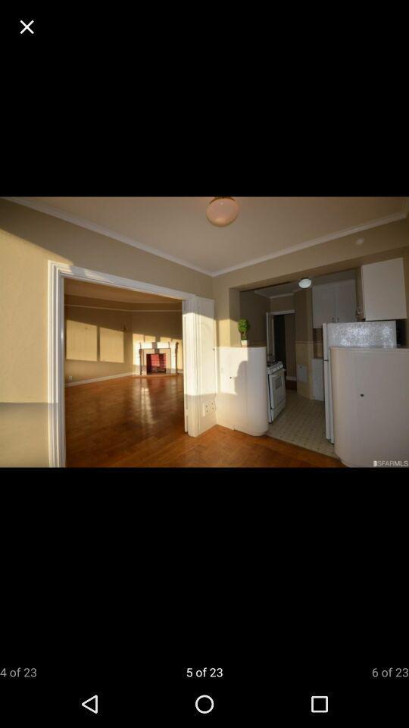 This screenshot has width=409, height=728. Describe the element at coordinates (27, 26) in the screenshot. I see `window` at that location.